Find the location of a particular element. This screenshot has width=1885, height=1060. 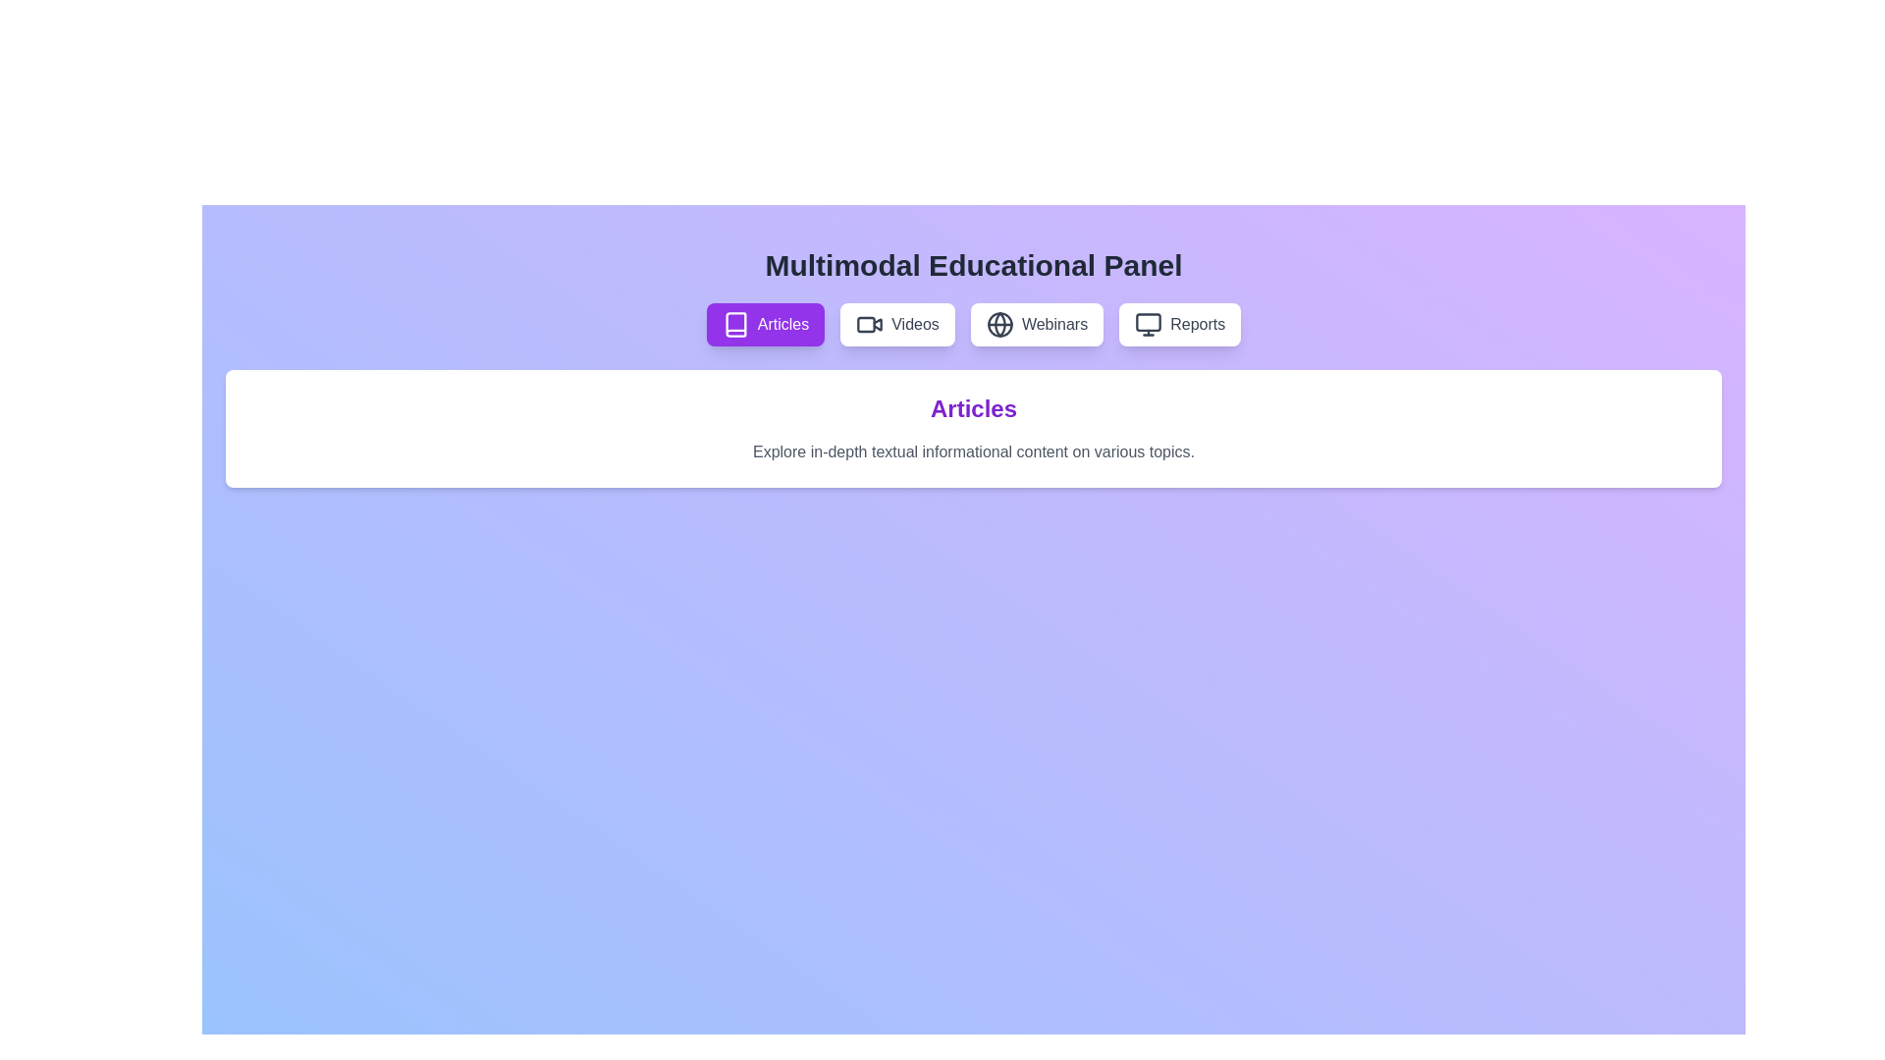

the first button in the button group below the 'Multimodal Educational Panel' heading is located at coordinates (765, 324).